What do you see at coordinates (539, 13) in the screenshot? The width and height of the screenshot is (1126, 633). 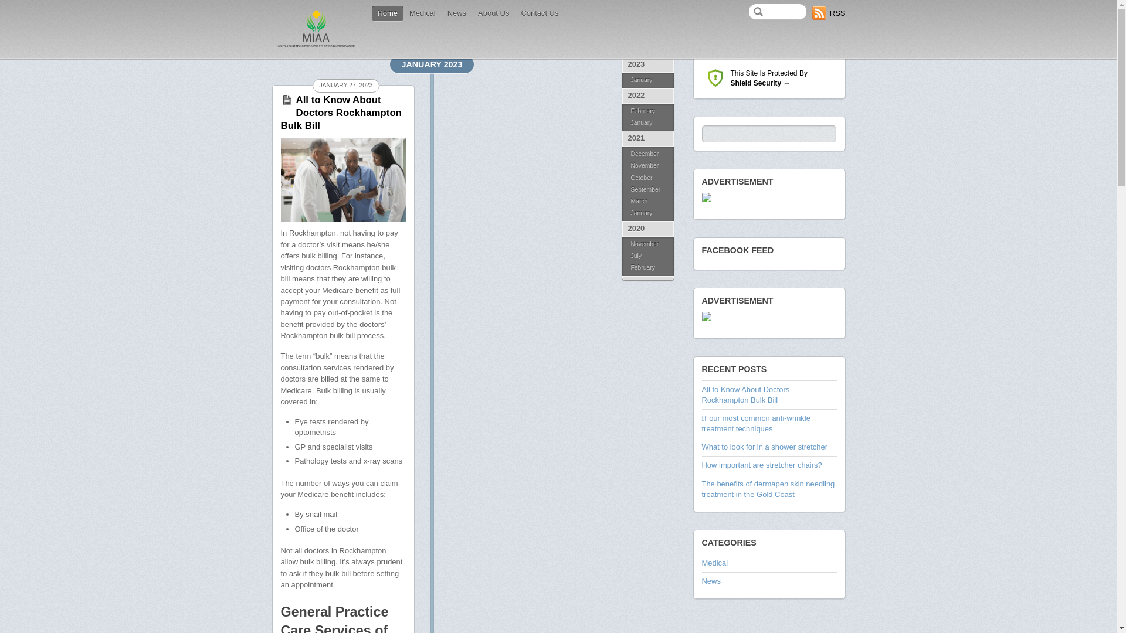 I see `'Contact Us'` at bounding box center [539, 13].